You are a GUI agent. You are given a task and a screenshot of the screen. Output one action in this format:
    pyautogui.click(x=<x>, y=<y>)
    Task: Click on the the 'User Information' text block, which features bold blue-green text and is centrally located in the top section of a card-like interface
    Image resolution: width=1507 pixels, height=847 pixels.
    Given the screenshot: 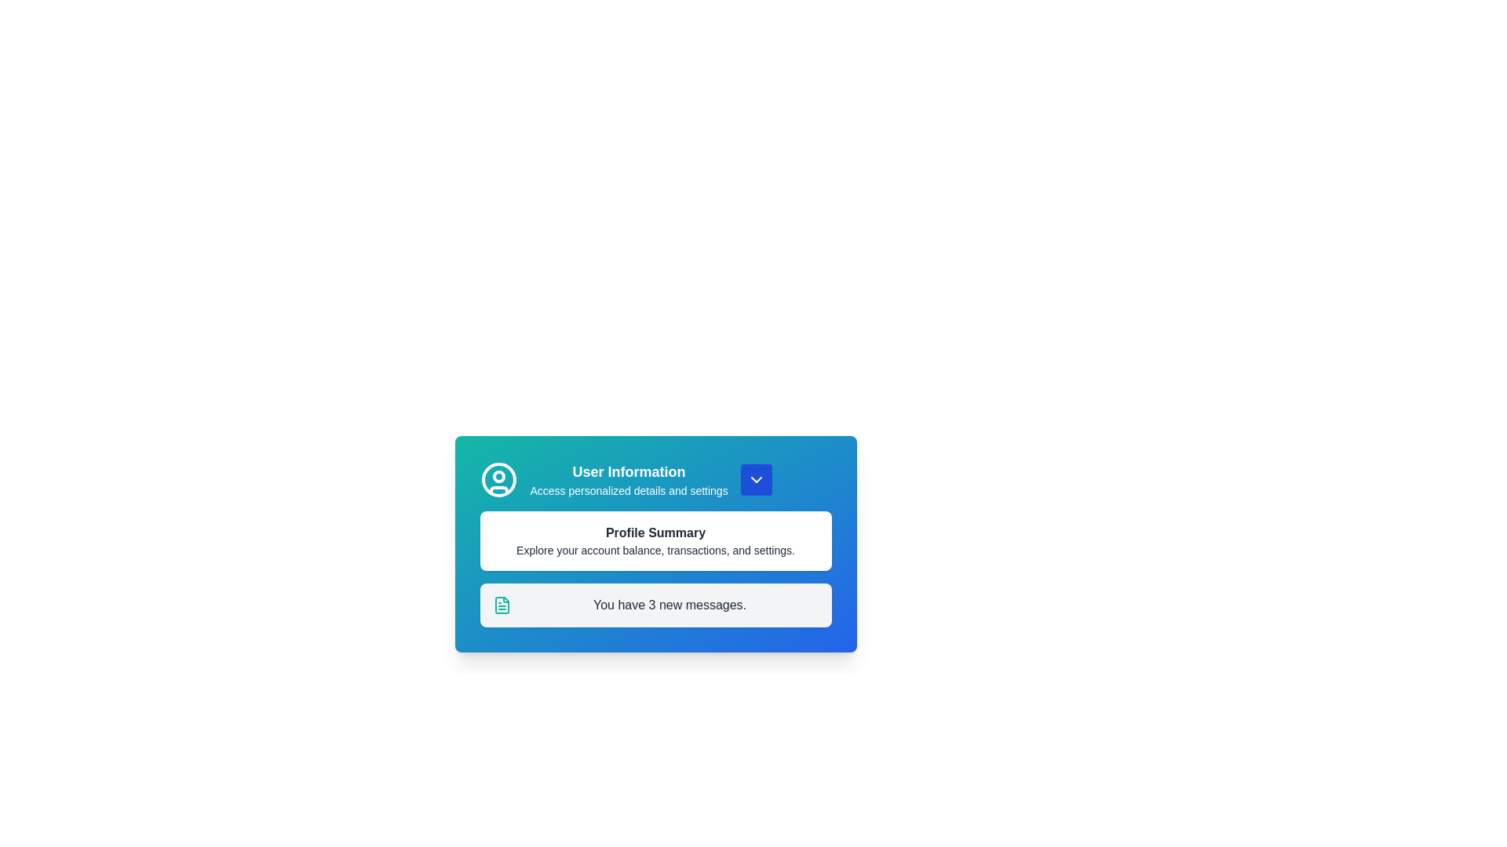 What is the action you would take?
    pyautogui.click(x=629, y=479)
    